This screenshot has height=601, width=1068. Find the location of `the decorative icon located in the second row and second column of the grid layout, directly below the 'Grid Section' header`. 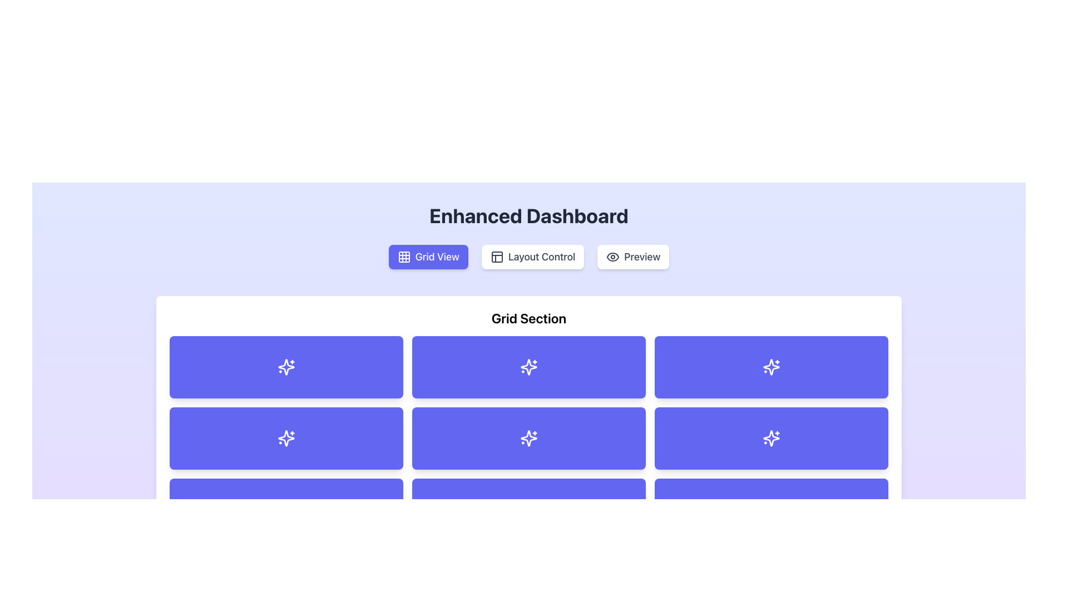

the decorative icon located in the second row and second column of the grid layout, directly below the 'Grid Section' header is located at coordinates (528, 367).